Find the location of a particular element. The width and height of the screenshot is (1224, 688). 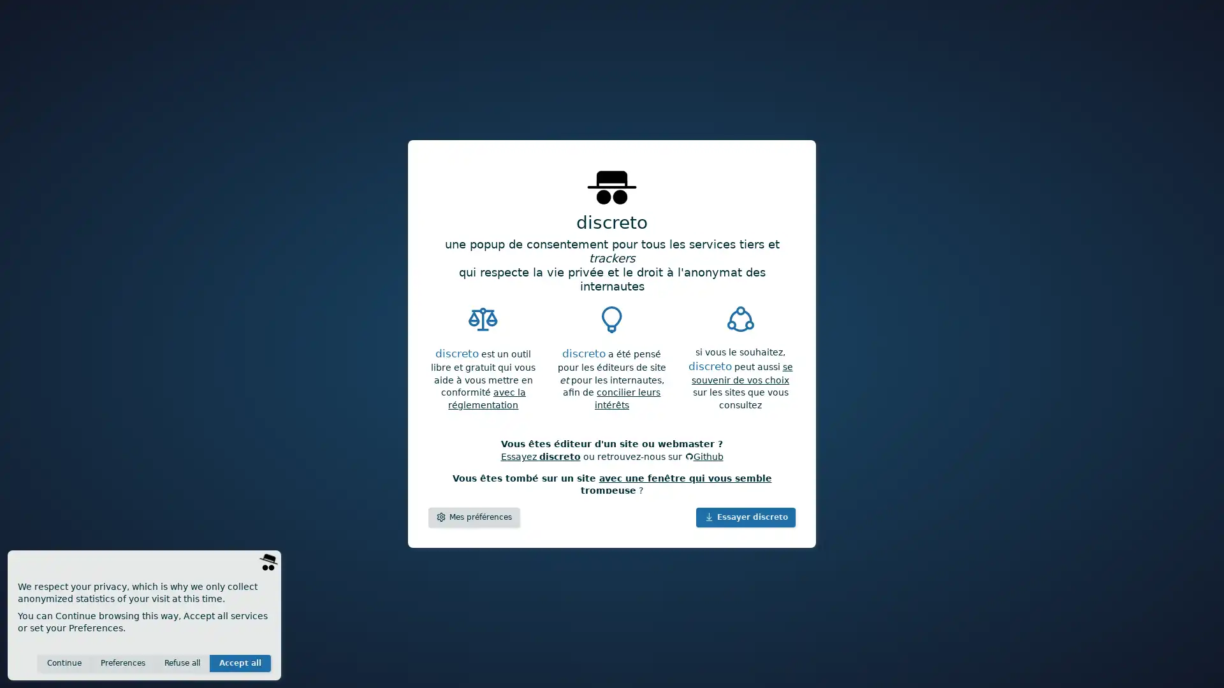

Save is located at coordinates (251, 668).